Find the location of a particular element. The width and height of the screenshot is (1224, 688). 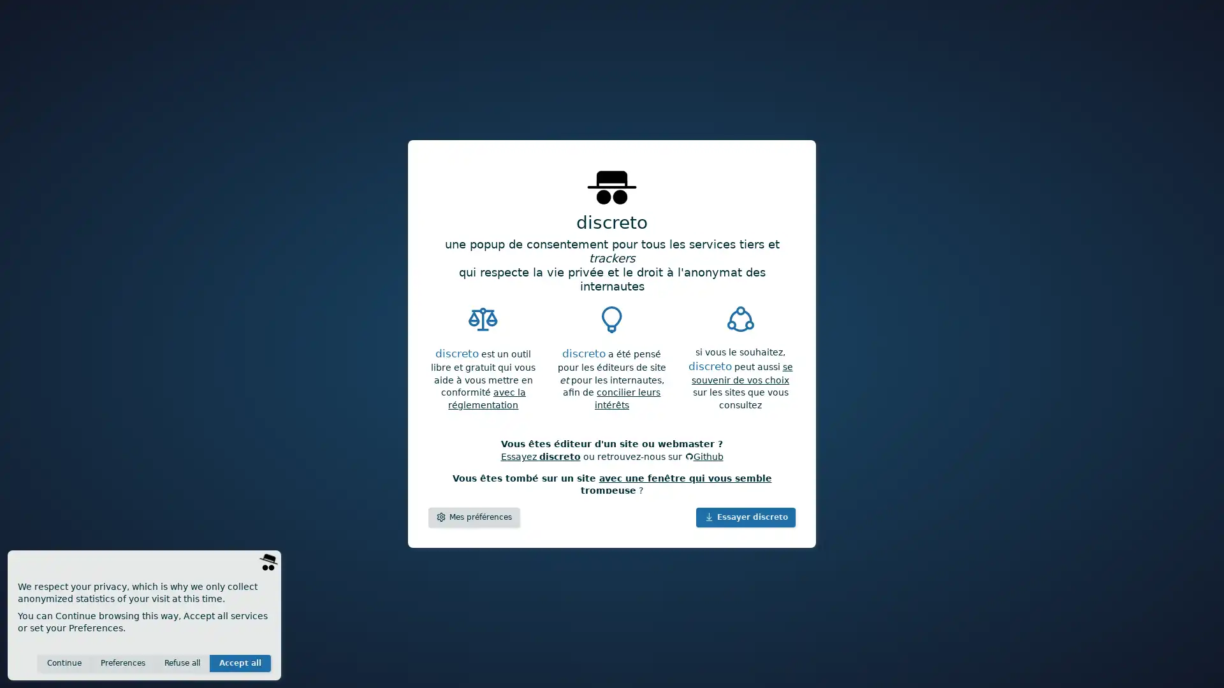

Save is located at coordinates (251, 668).